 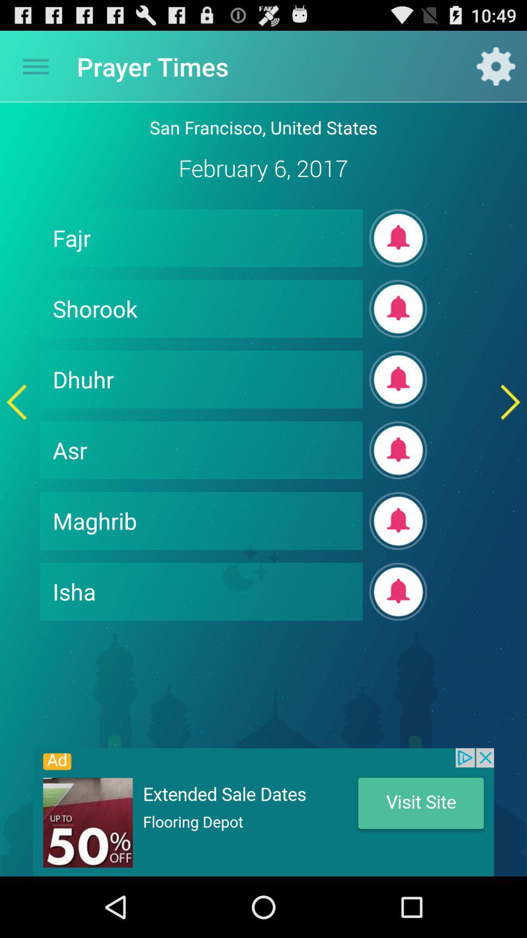 I want to click on the notifications icon, so click(x=398, y=557).